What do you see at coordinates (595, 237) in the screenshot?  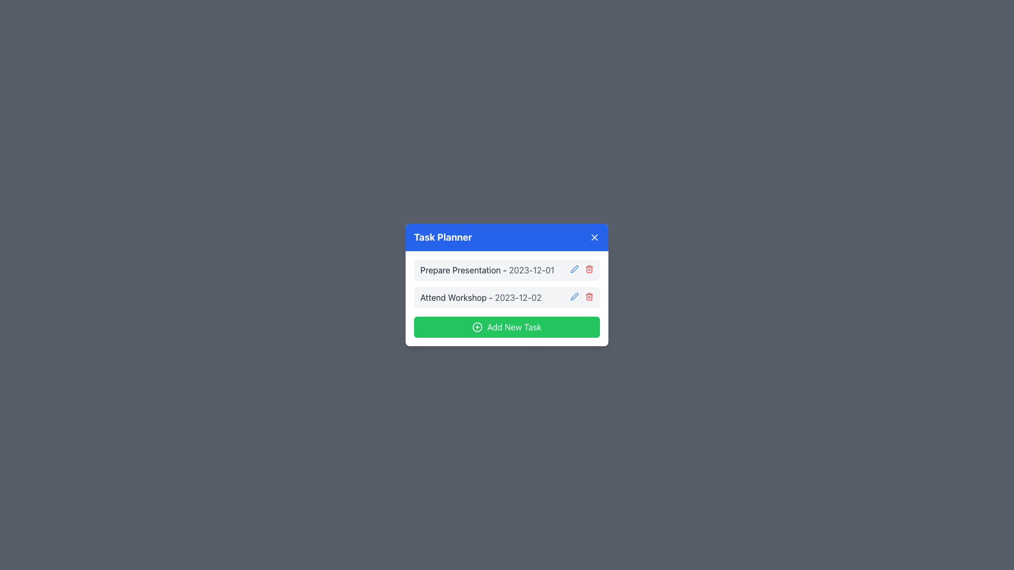 I see `the close/dismiss icon located in the top-right corner of the 'Task Planner' header to change its appearance` at bounding box center [595, 237].